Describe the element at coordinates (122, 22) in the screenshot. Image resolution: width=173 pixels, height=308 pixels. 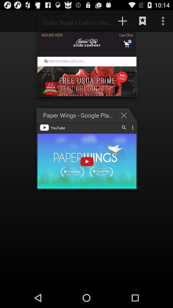
I see `the add icon` at that location.